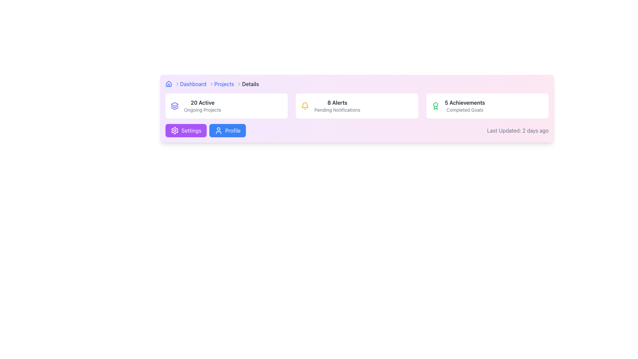 The image size is (638, 359). Describe the element at coordinates (464, 106) in the screenshot. I see `the details provided in the informational text component displaying '5 Achievements' and 'Completed Goals' within the rightmost card of the horizontal card layout` at that location.